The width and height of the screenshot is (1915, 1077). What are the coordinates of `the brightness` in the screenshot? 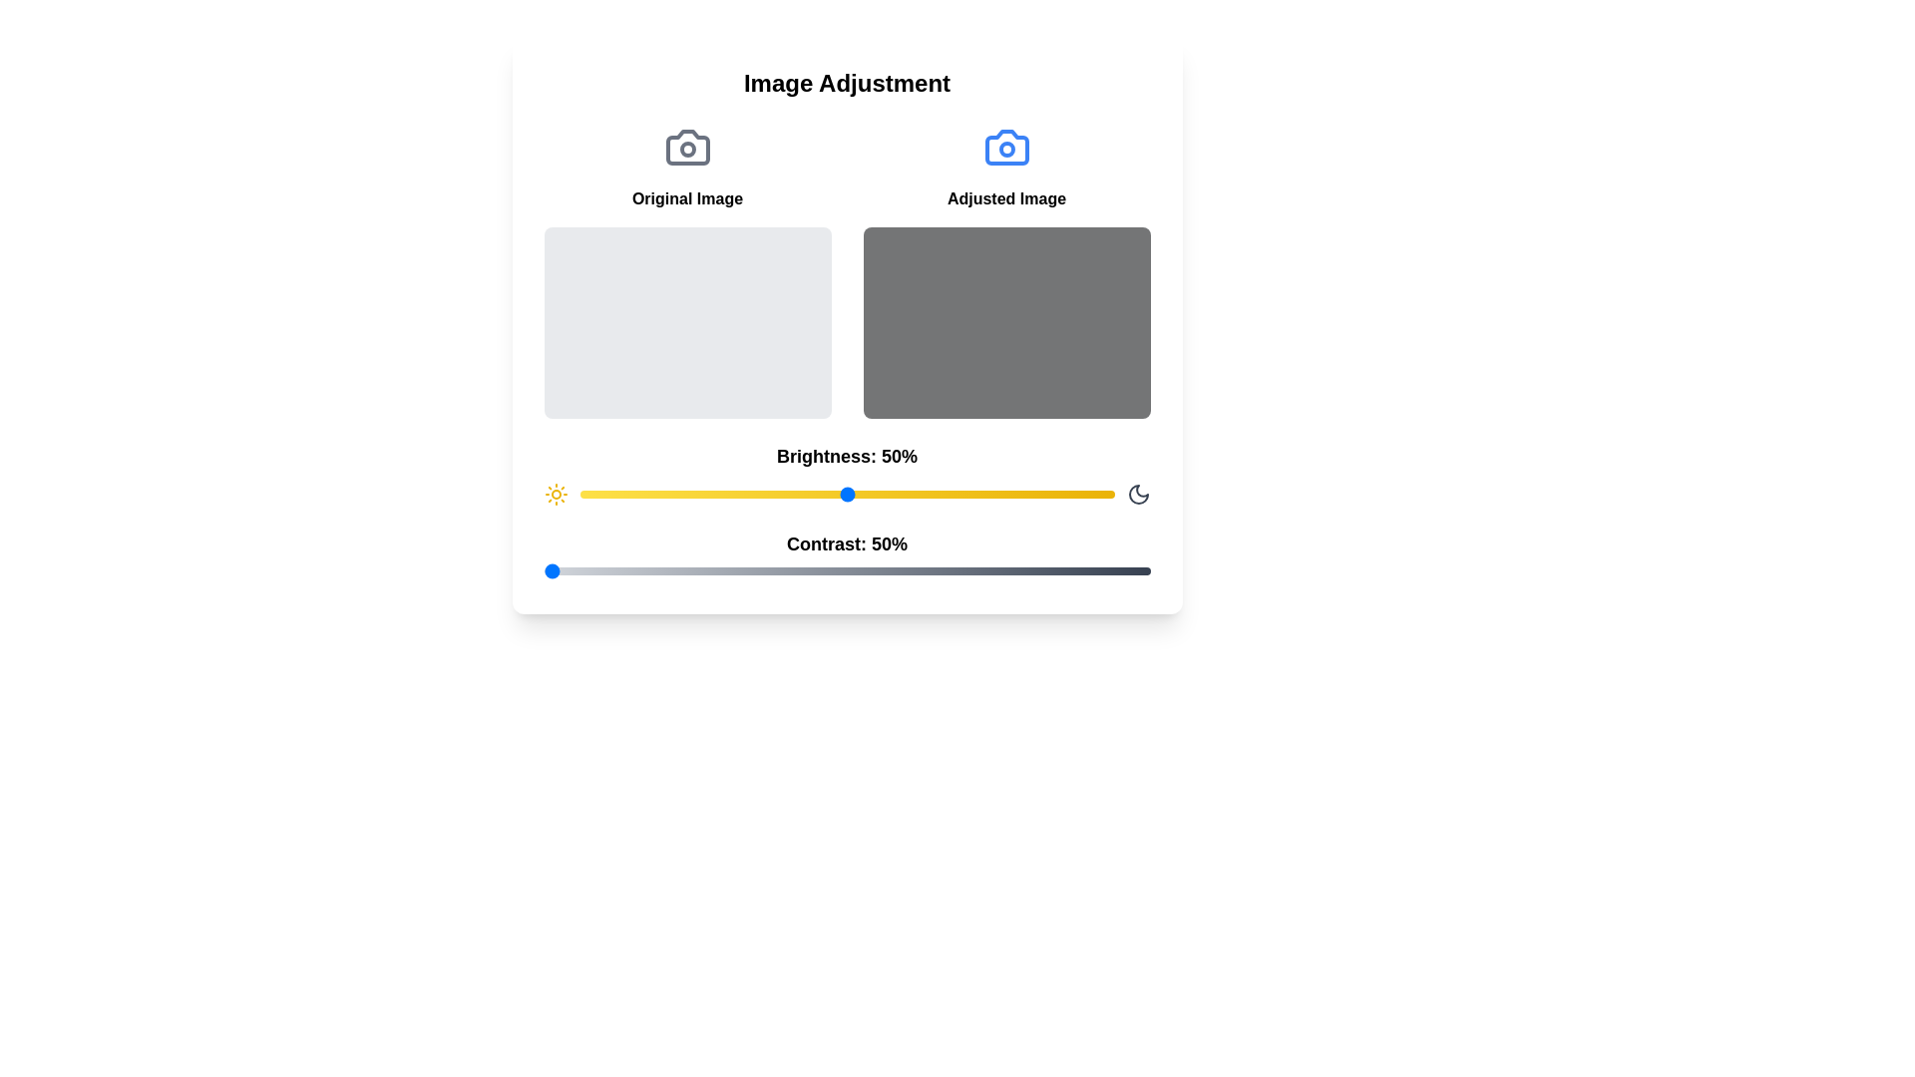 It's located at (1034, 494).